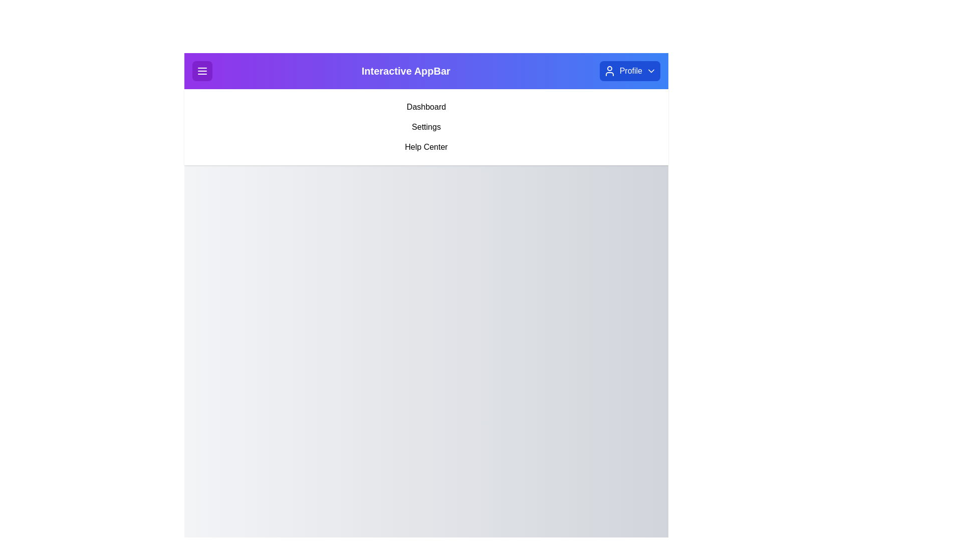  Describe the element at coordinates (201, 71) in the screenshot. I see `menu button to toggle the sidebar visibility` at that location.